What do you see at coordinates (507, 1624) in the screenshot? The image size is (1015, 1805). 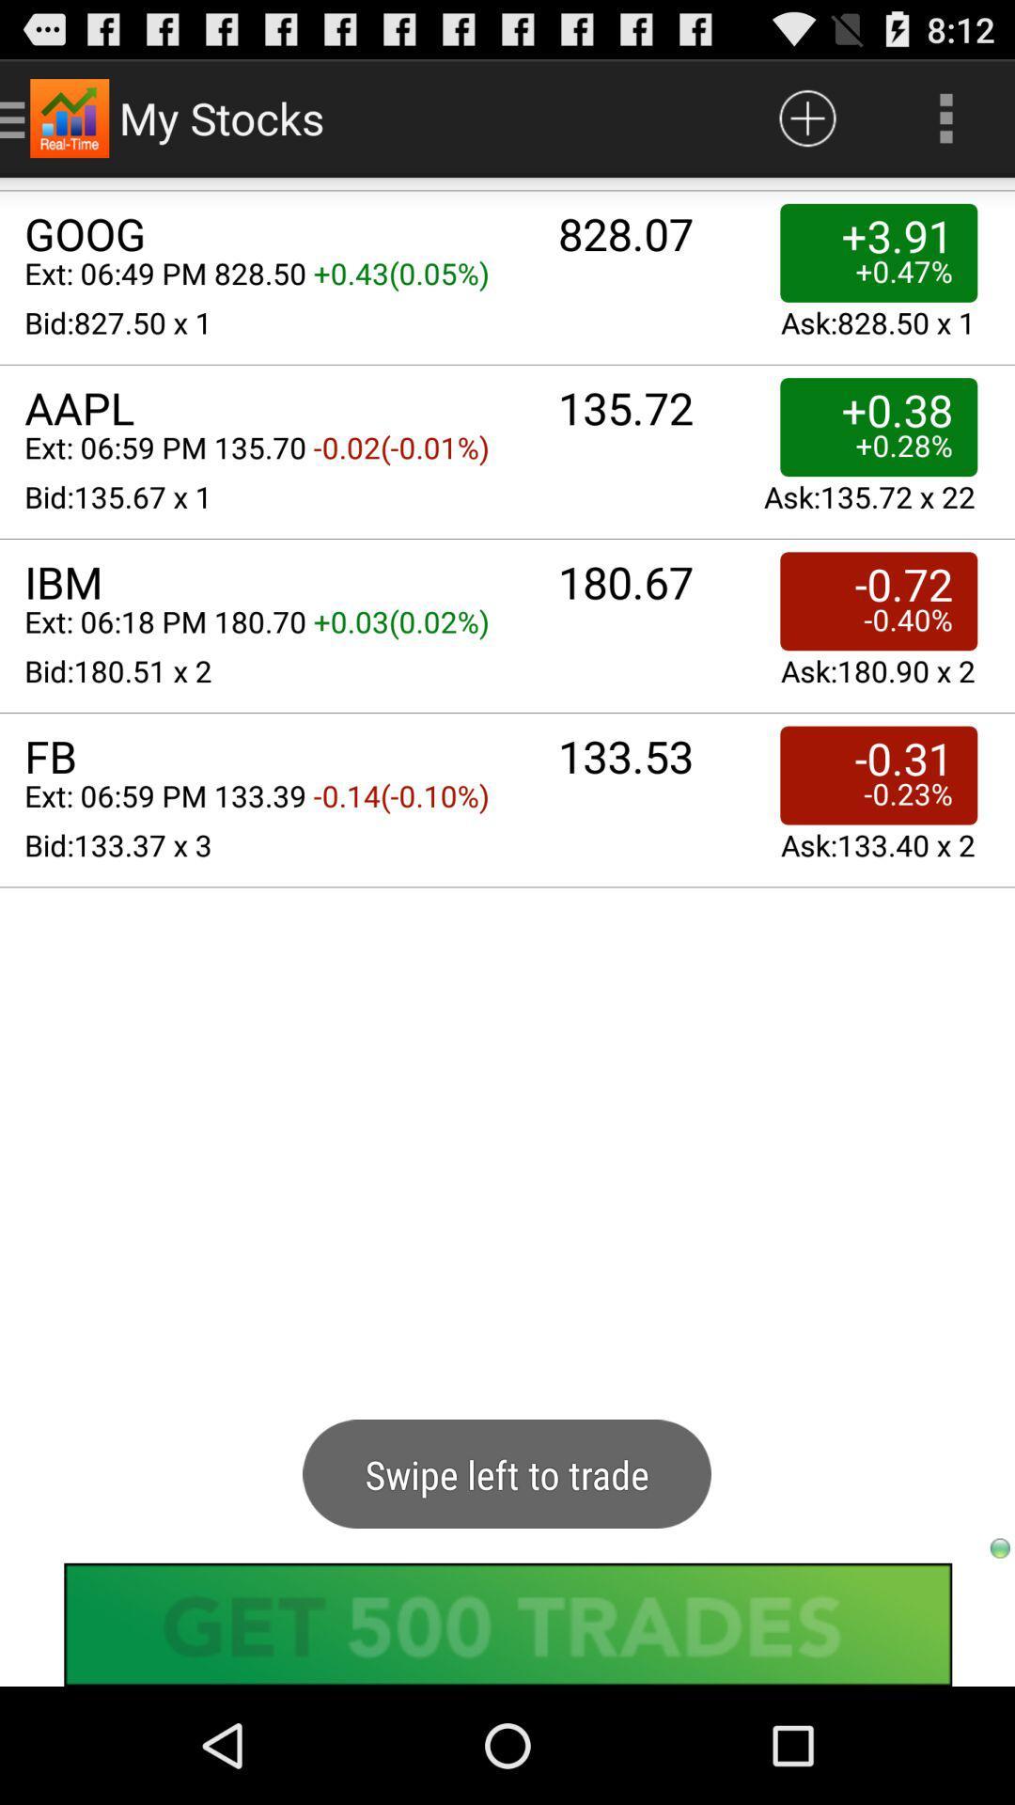 I see `shows the advertisement tab` at bounding box center [507, 1624].